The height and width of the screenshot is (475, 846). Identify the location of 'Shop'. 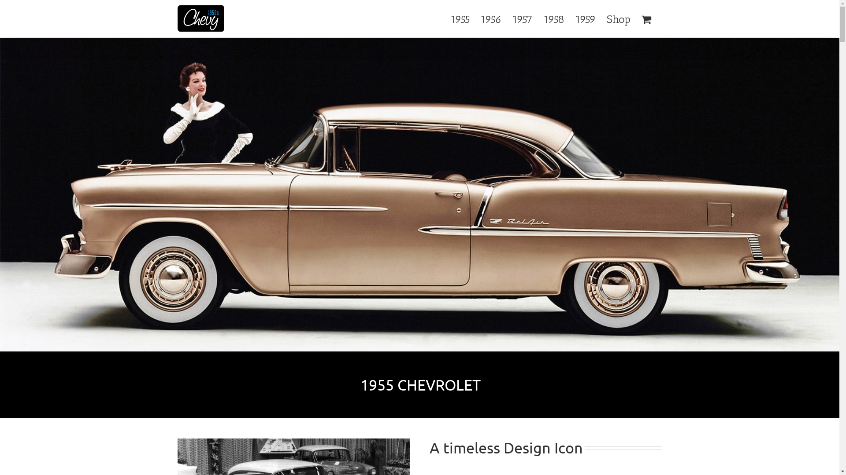
(617, 18).